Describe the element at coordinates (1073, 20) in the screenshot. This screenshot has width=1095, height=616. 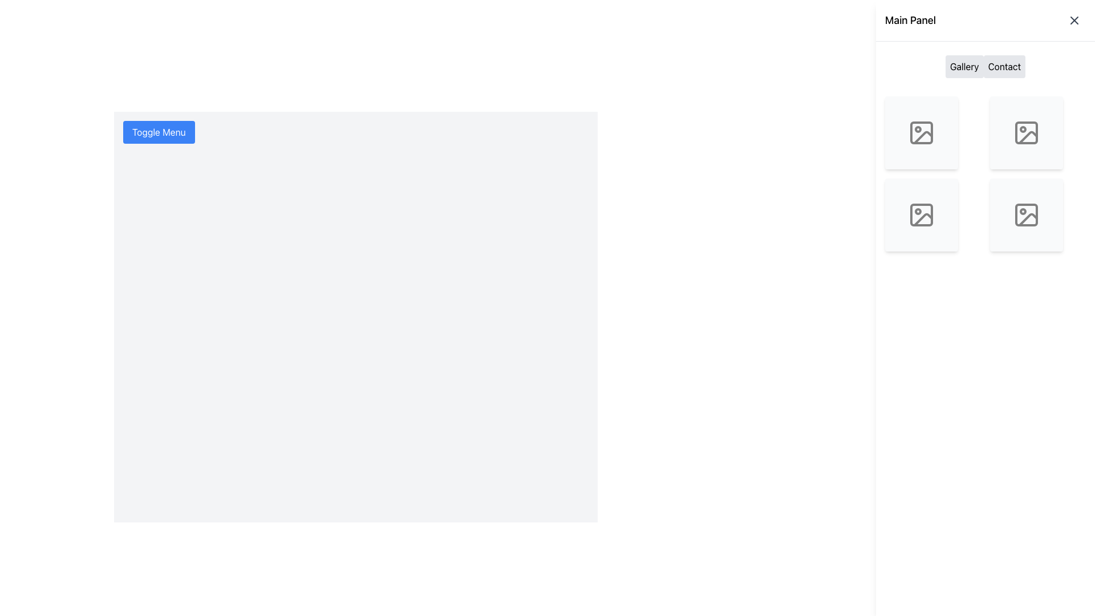
I see `the Close Icon located at the top-right corner of the interface, immediately to the right of the 'Main Panel' title` at that location.